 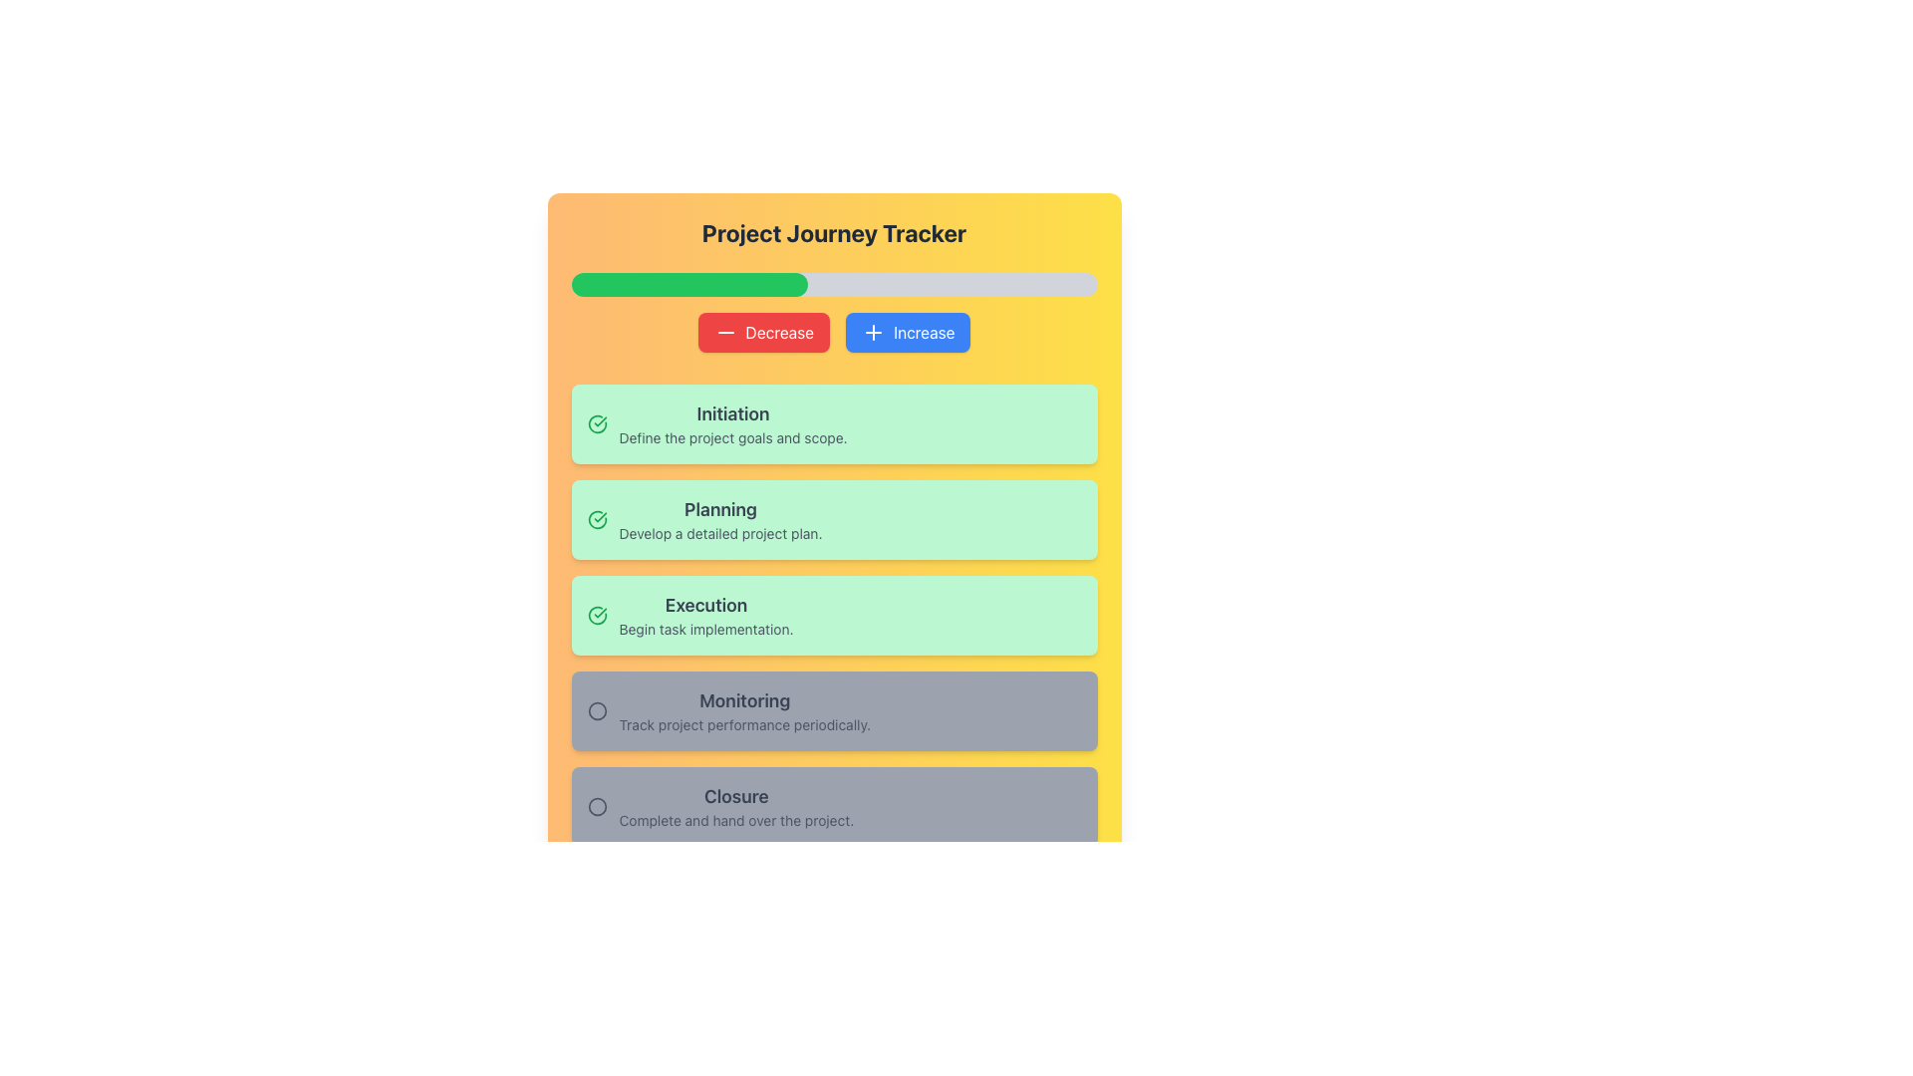 I want to click on the 'Decrease' button icon, which visually represents a subtraction operation, so click(x=724, y=332).